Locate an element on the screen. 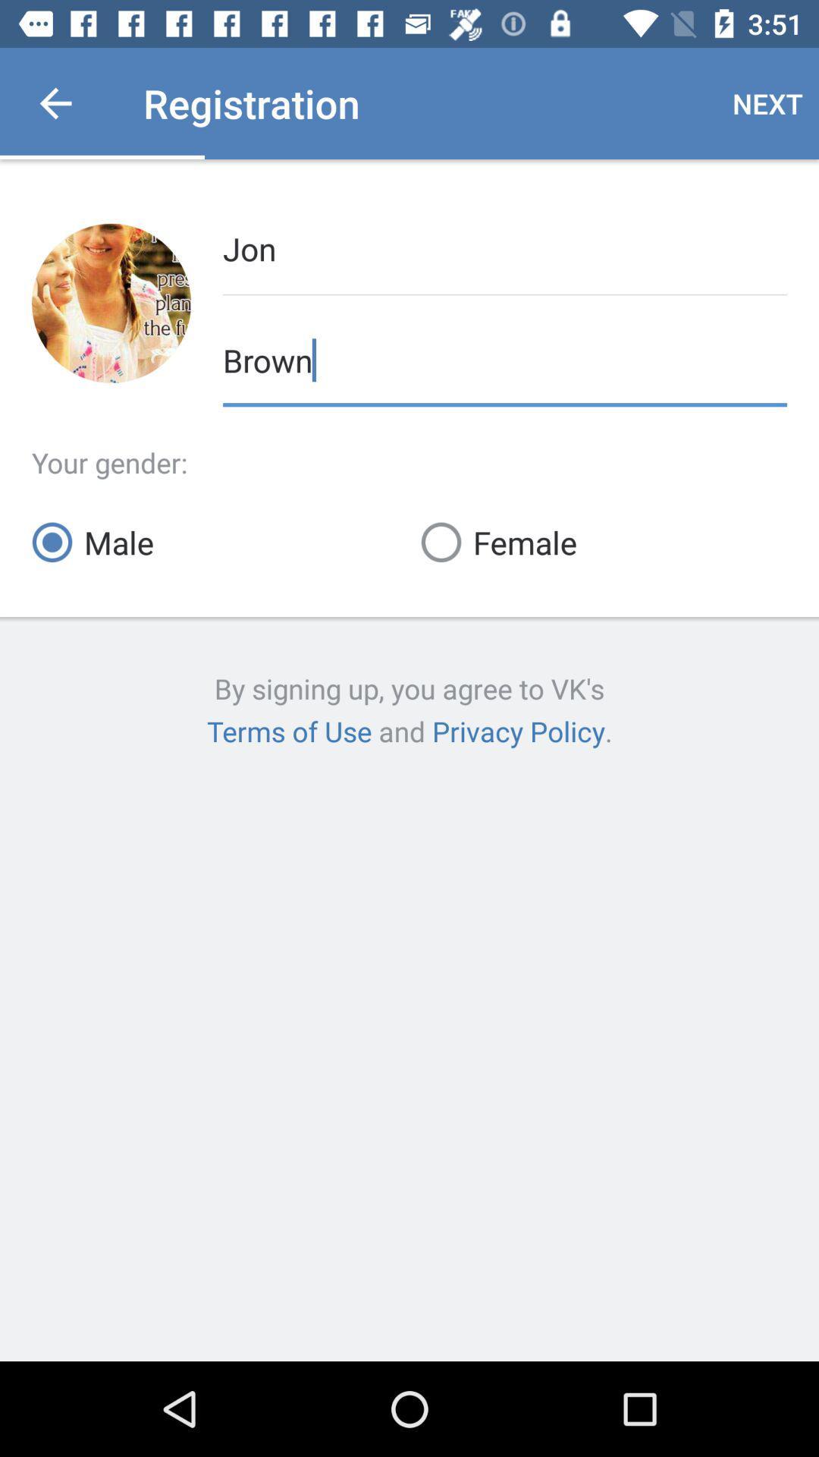 This screenshot has height=1457, width=819. the icon above by signing up item is located at coordinates (215, 542).